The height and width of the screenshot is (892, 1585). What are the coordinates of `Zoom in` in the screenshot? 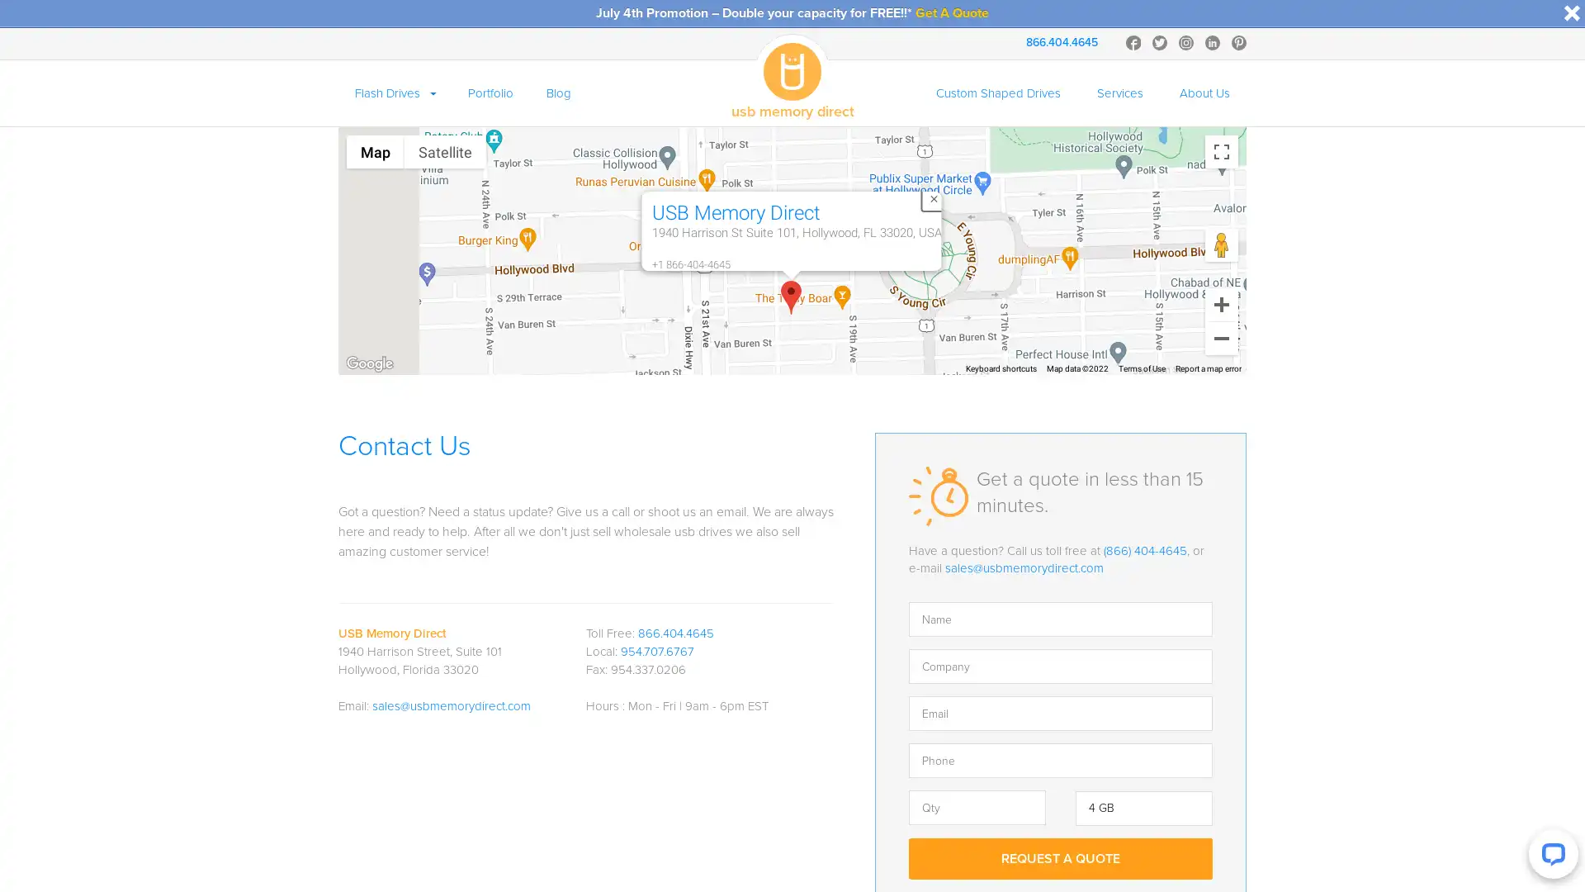 It's located at (1221, 305).